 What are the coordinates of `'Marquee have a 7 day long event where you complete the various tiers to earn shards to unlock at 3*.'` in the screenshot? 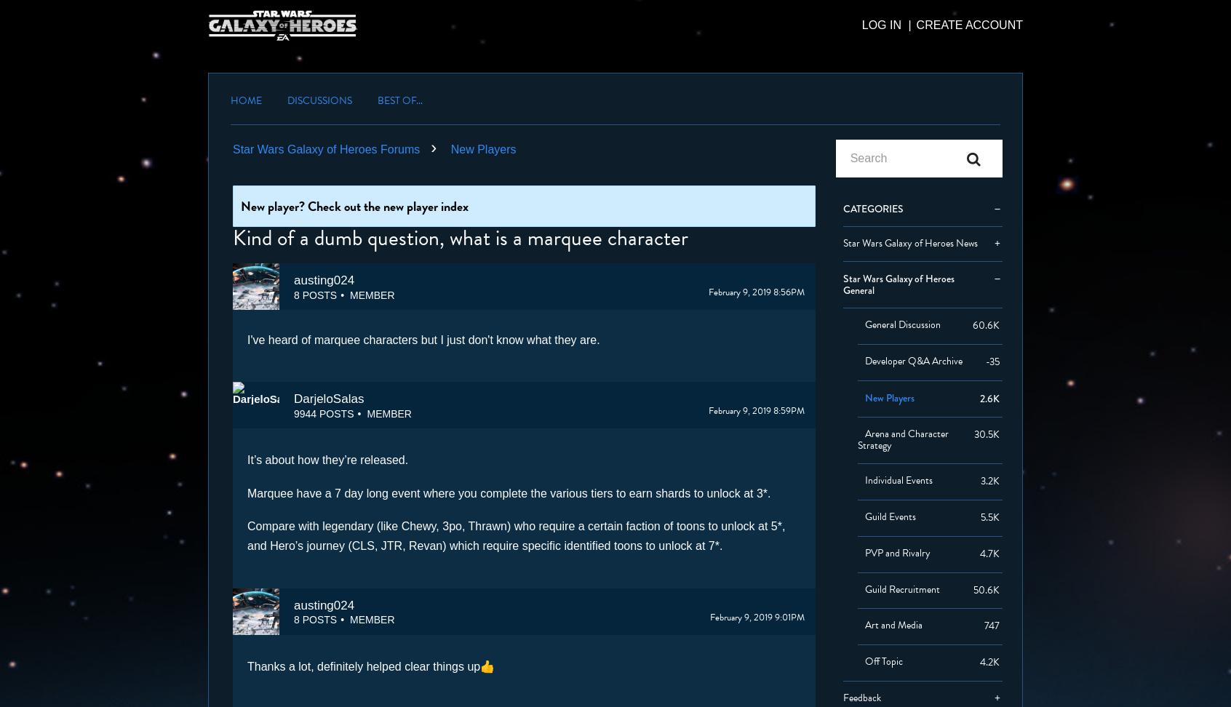 It's located at (509, 492).